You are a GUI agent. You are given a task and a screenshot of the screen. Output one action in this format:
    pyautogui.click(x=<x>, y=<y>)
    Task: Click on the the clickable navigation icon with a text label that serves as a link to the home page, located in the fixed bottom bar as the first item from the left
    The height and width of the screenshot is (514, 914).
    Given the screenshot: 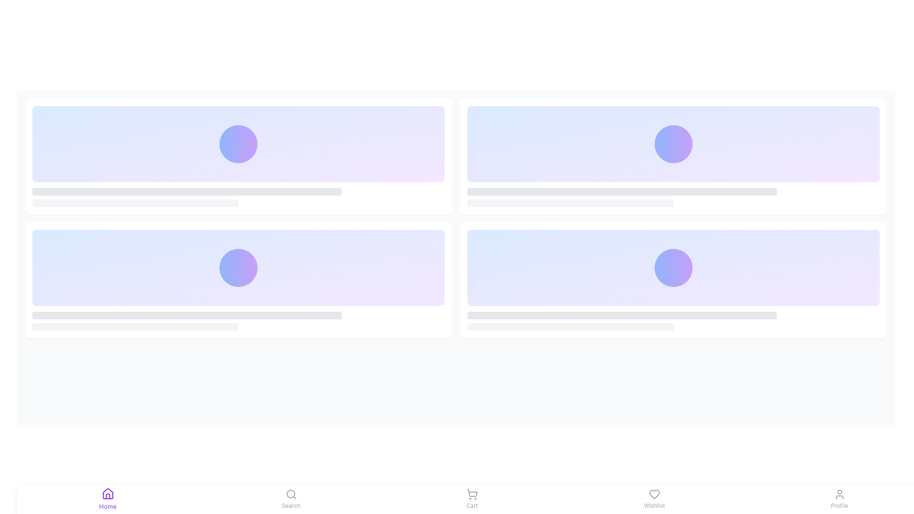 What is the action you would take?
    pyautogui.click(x=108, y=498)
    